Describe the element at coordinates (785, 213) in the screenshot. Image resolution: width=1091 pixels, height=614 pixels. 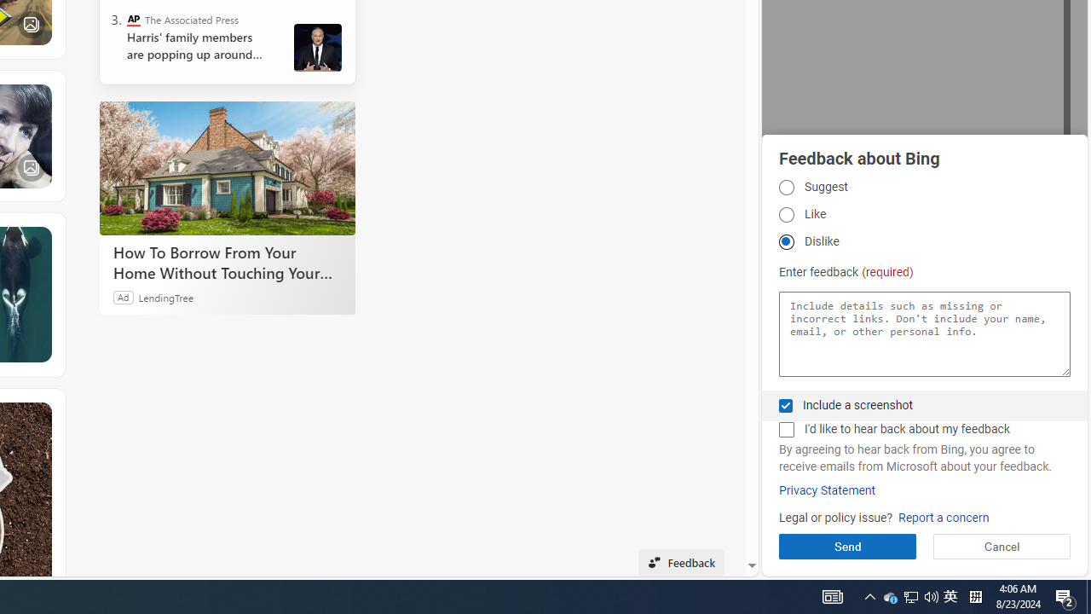
I see `'AutomationID: fbpgdgtp2'` at that location.